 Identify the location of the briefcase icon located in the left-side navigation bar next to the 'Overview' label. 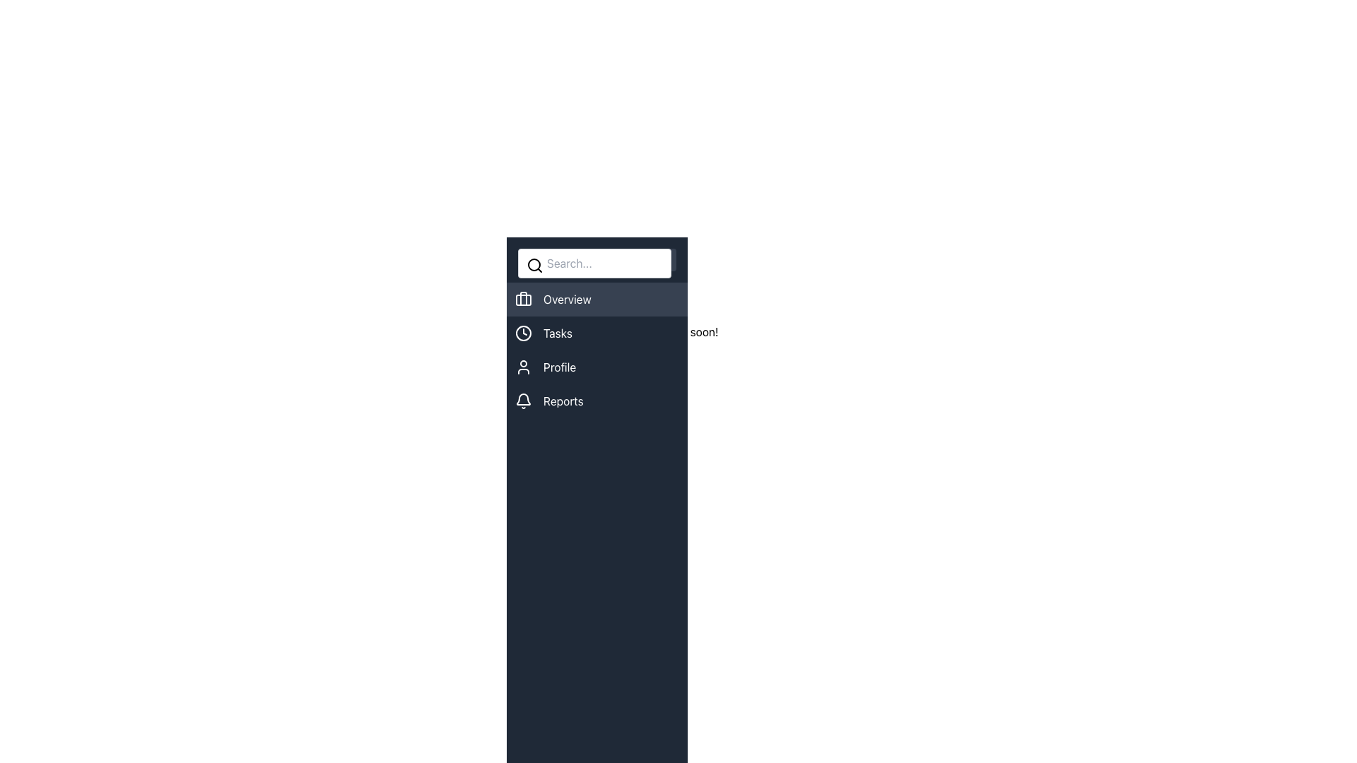
(522, 299).